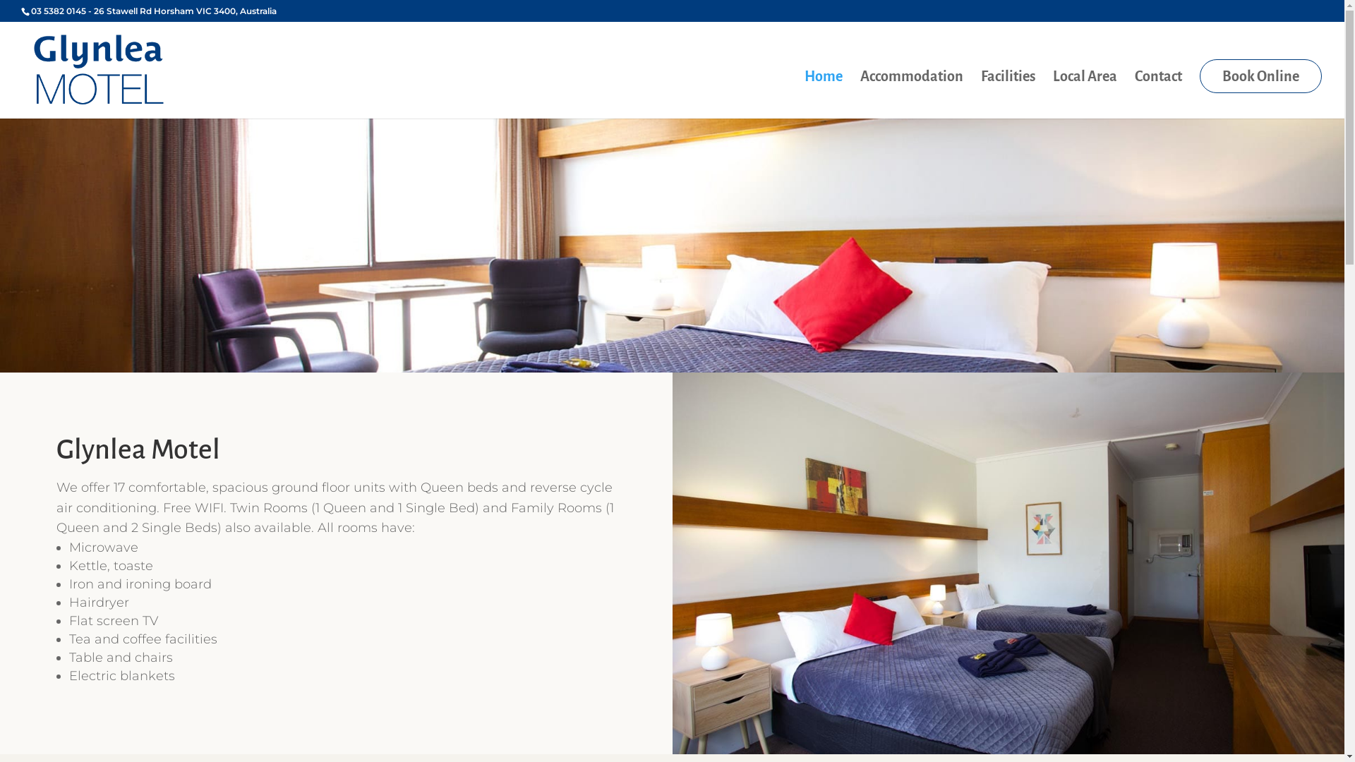  What do you see at coordinates (57, 11) in the screenshot?
I see `'03 5382 0145'` at bounding box center [57, 11].